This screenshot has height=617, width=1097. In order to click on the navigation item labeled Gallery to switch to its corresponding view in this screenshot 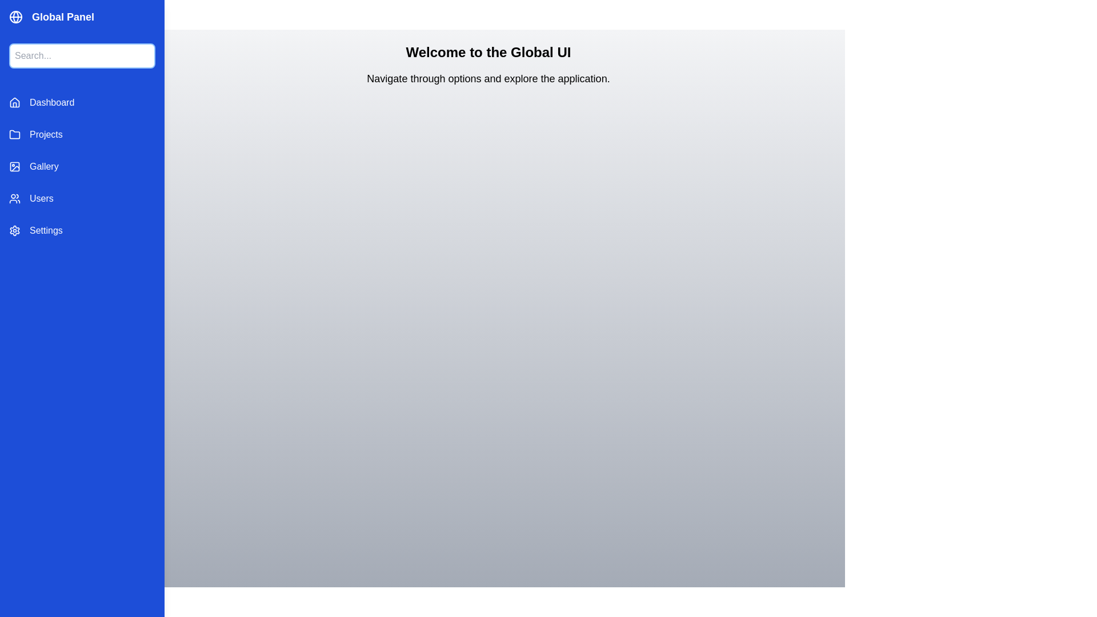, I will do `click(82, 167)`.